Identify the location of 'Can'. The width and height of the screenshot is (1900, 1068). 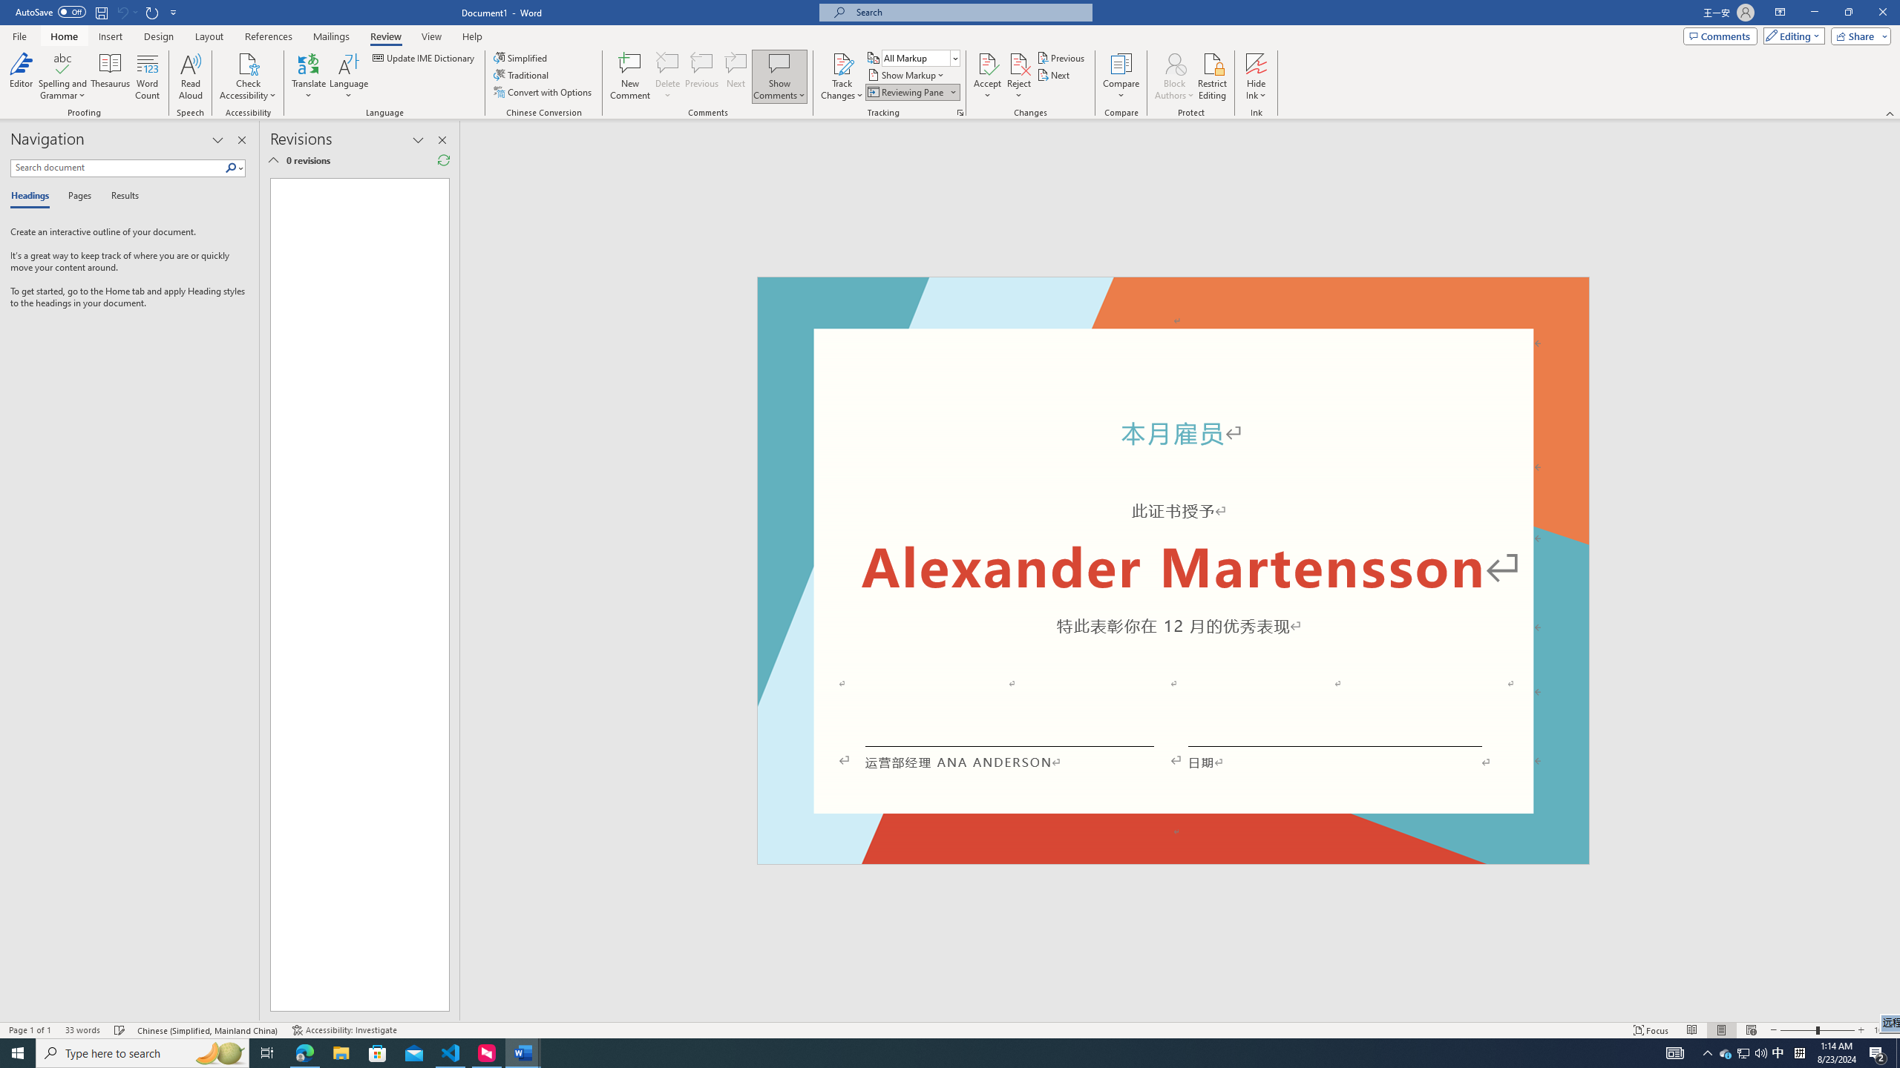
(126, 11).